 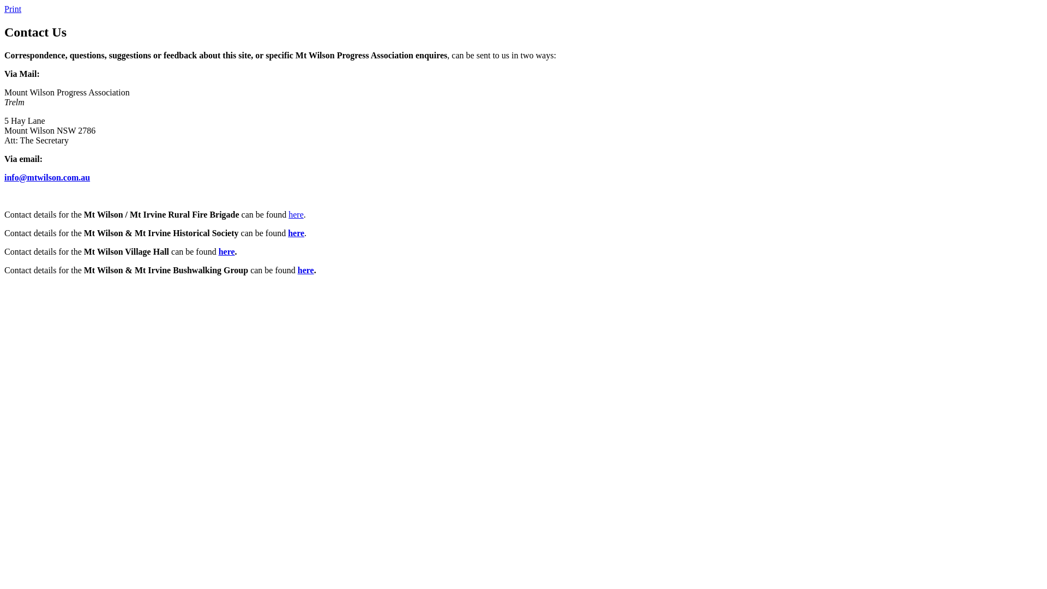 I want to click on 'here', so click(x=296, y=232).